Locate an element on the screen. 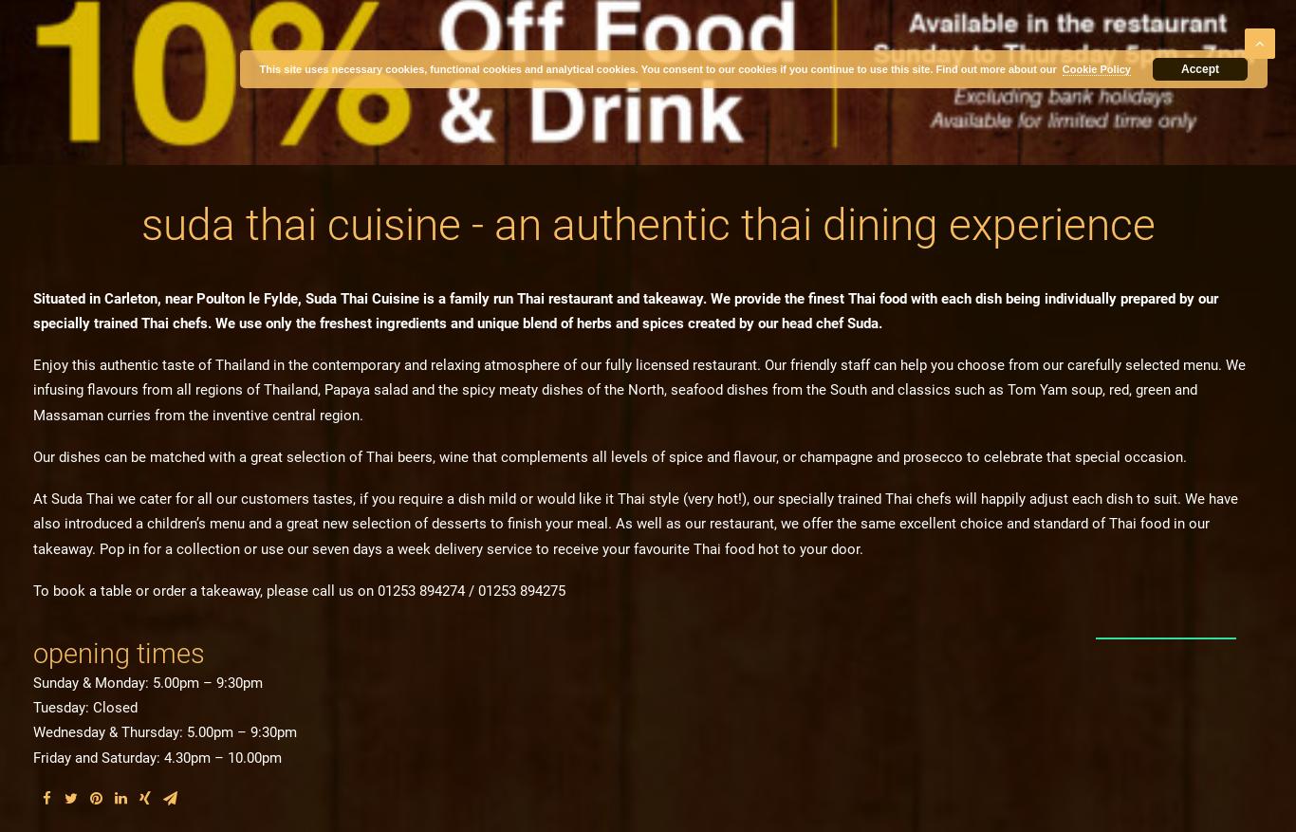  'Situated in Carleton, near Poulton le Fylde, Suda Thai Cuisine is a family run Thai restaurant and takeaway. We provide the finest Thai food with each dish being individually prepared by our specially trained Thai chefs. We use only the freshest ingredients and unique blend of herbs and spices created by our head chef Suda.' is located at coordinates (32, 309).